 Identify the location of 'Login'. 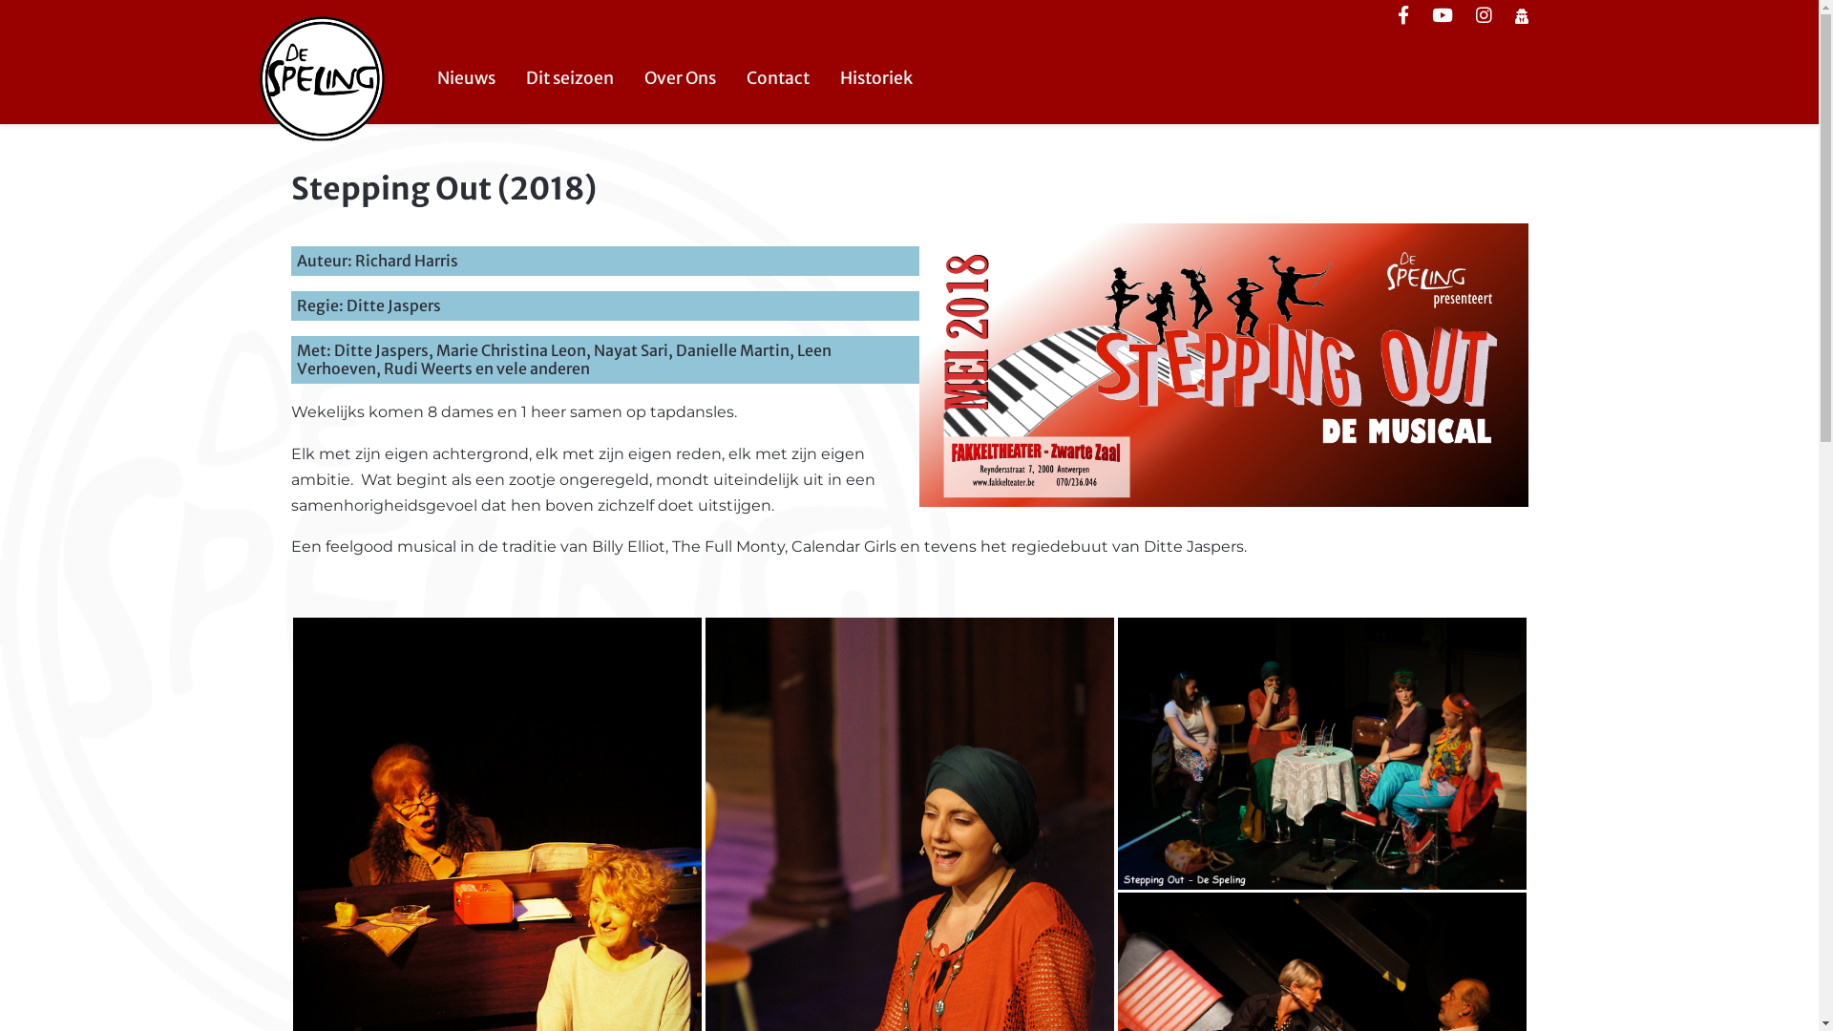
(1520, 16).